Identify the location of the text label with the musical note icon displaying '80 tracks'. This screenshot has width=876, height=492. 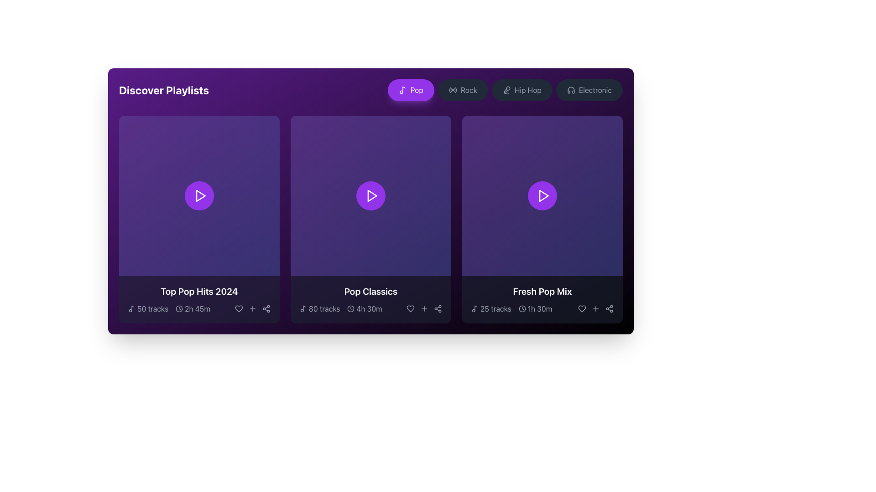
(320, 308).